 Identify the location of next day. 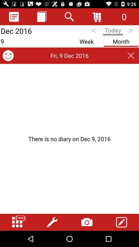
(131, 31).